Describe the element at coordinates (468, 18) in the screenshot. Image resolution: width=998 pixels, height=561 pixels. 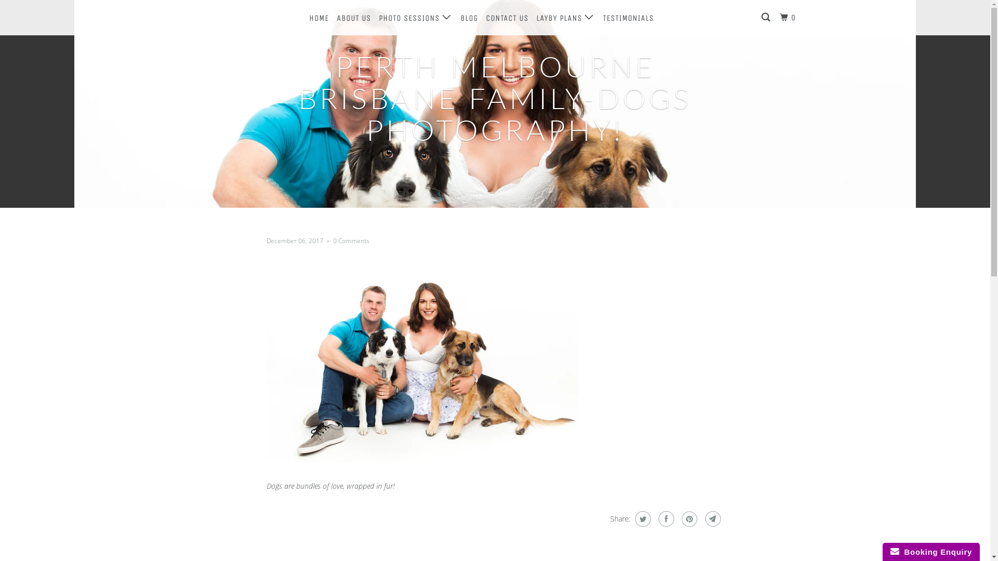
I see `'BLOG'` at that location.